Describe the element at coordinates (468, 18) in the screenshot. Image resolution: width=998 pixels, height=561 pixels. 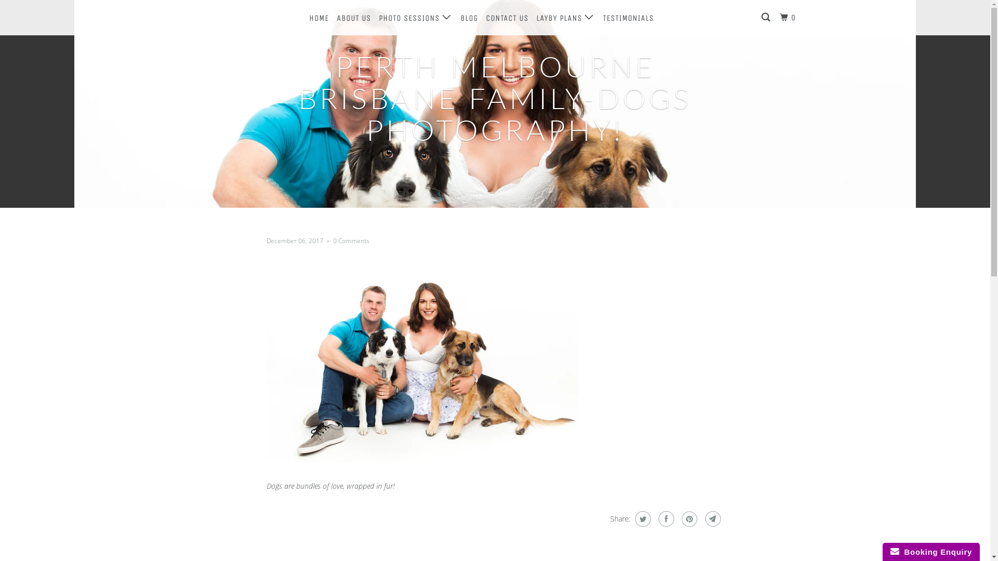
I see `'BLOG'` at that location.